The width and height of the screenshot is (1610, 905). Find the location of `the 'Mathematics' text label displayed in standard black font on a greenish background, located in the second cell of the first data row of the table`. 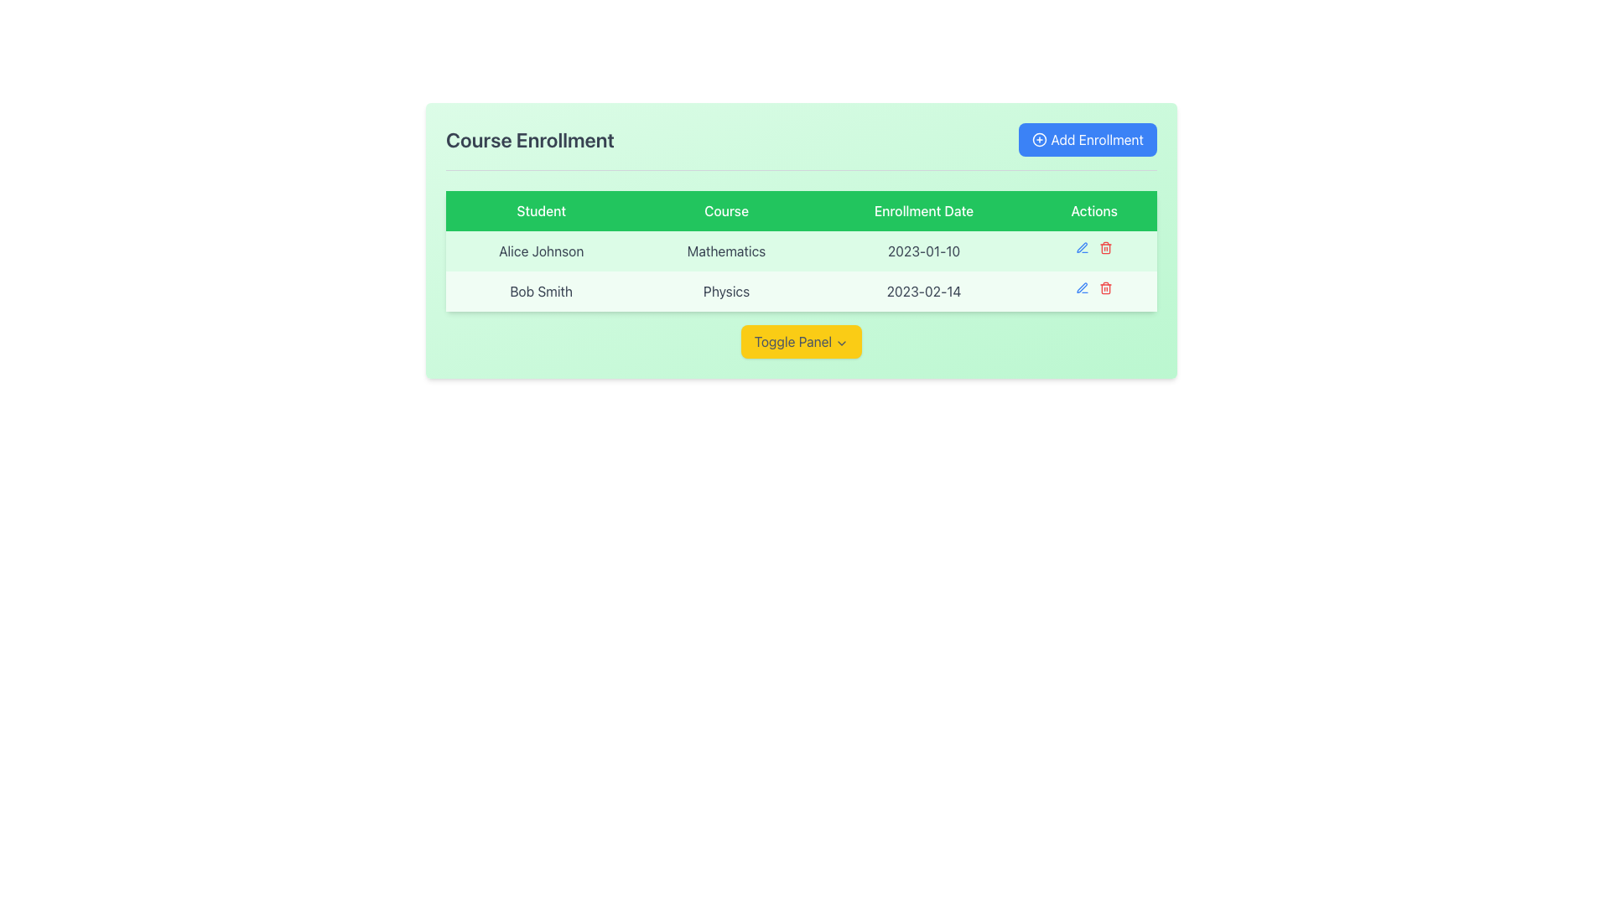

the 'Mathematics' text label displayed in standard black font on a greenish background, located in the second cell of the first data row of the table is located at coordinates (726, 251).